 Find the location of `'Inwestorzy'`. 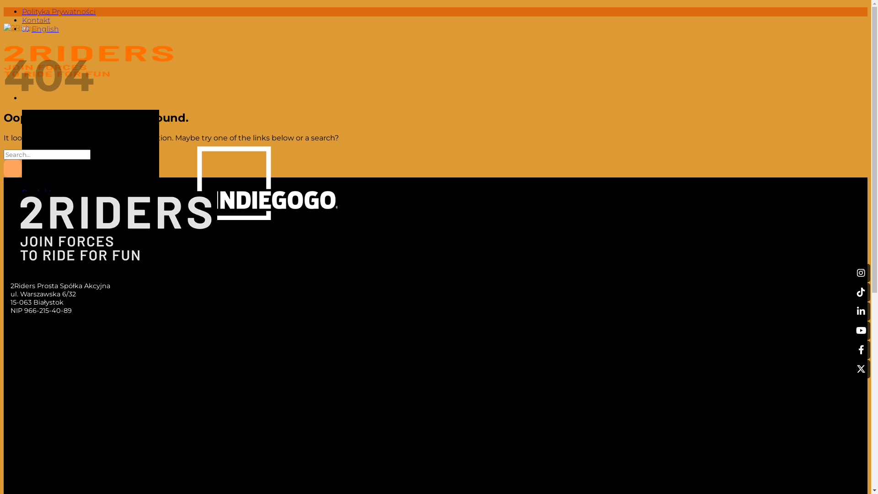

'Inwestorzy' is located at coordinates (41, 209).